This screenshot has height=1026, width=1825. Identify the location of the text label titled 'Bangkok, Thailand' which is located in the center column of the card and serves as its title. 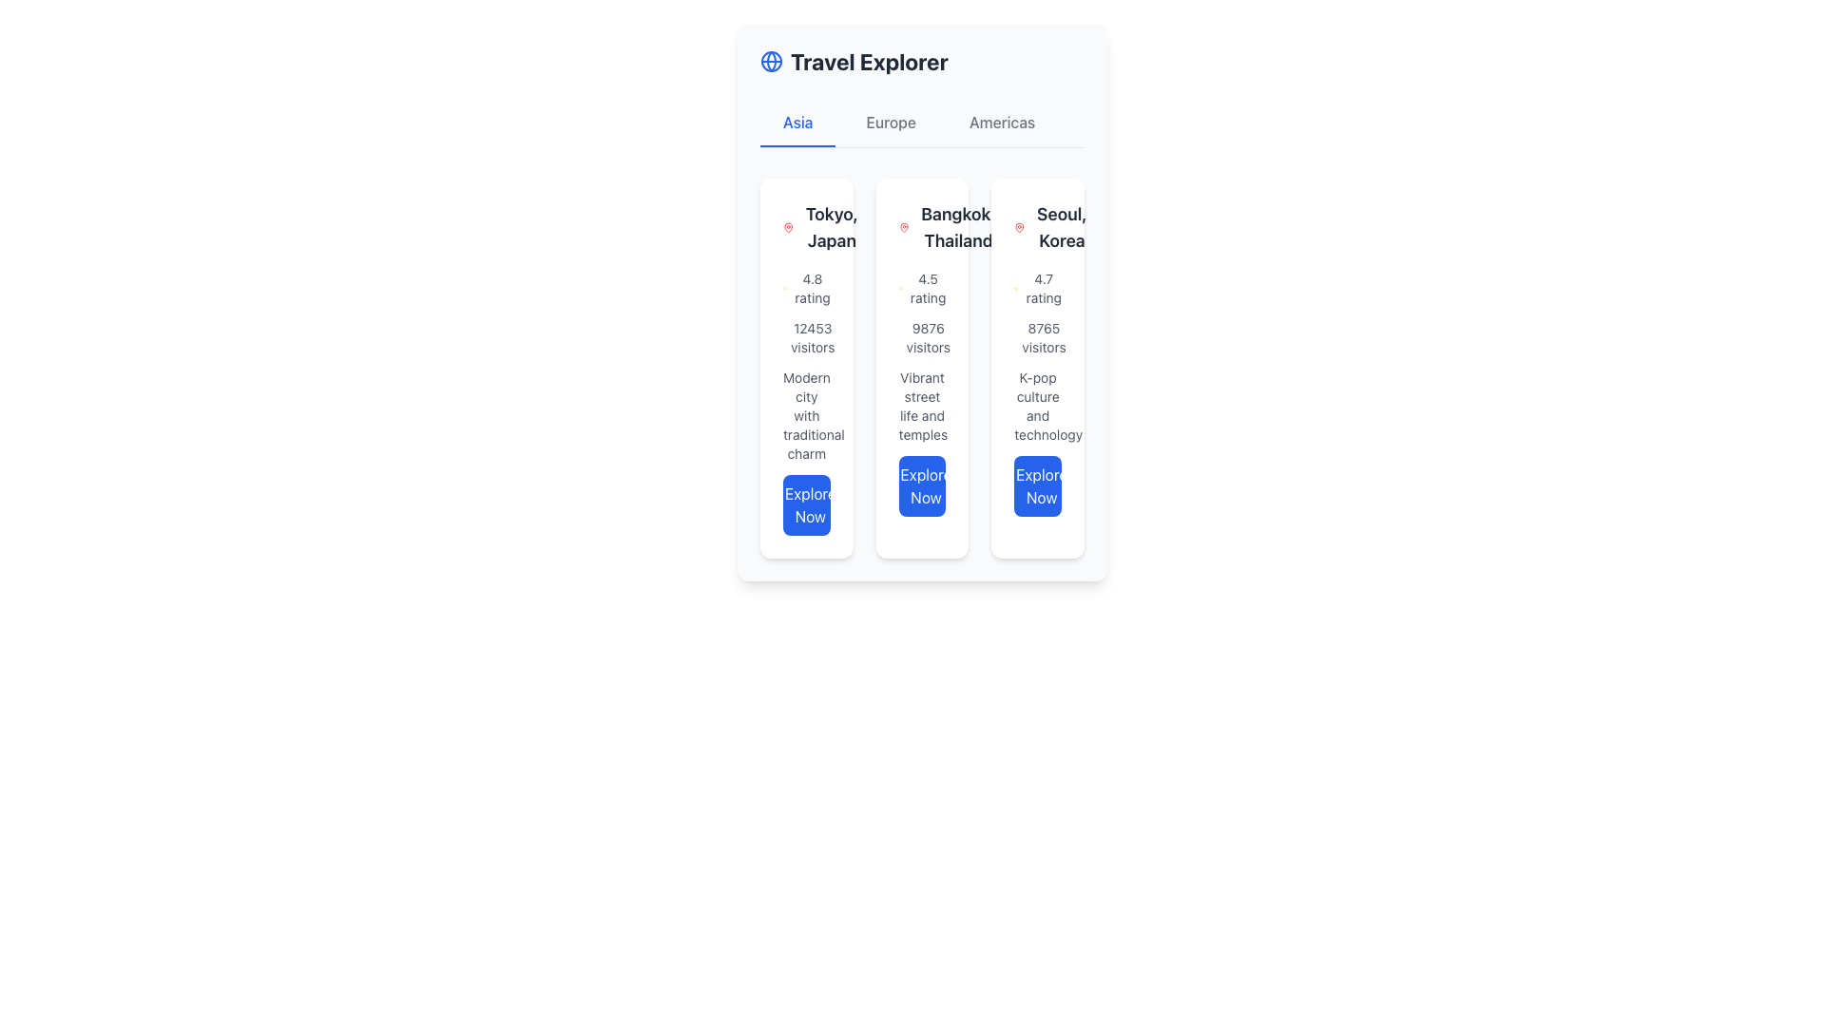
(922, 226).